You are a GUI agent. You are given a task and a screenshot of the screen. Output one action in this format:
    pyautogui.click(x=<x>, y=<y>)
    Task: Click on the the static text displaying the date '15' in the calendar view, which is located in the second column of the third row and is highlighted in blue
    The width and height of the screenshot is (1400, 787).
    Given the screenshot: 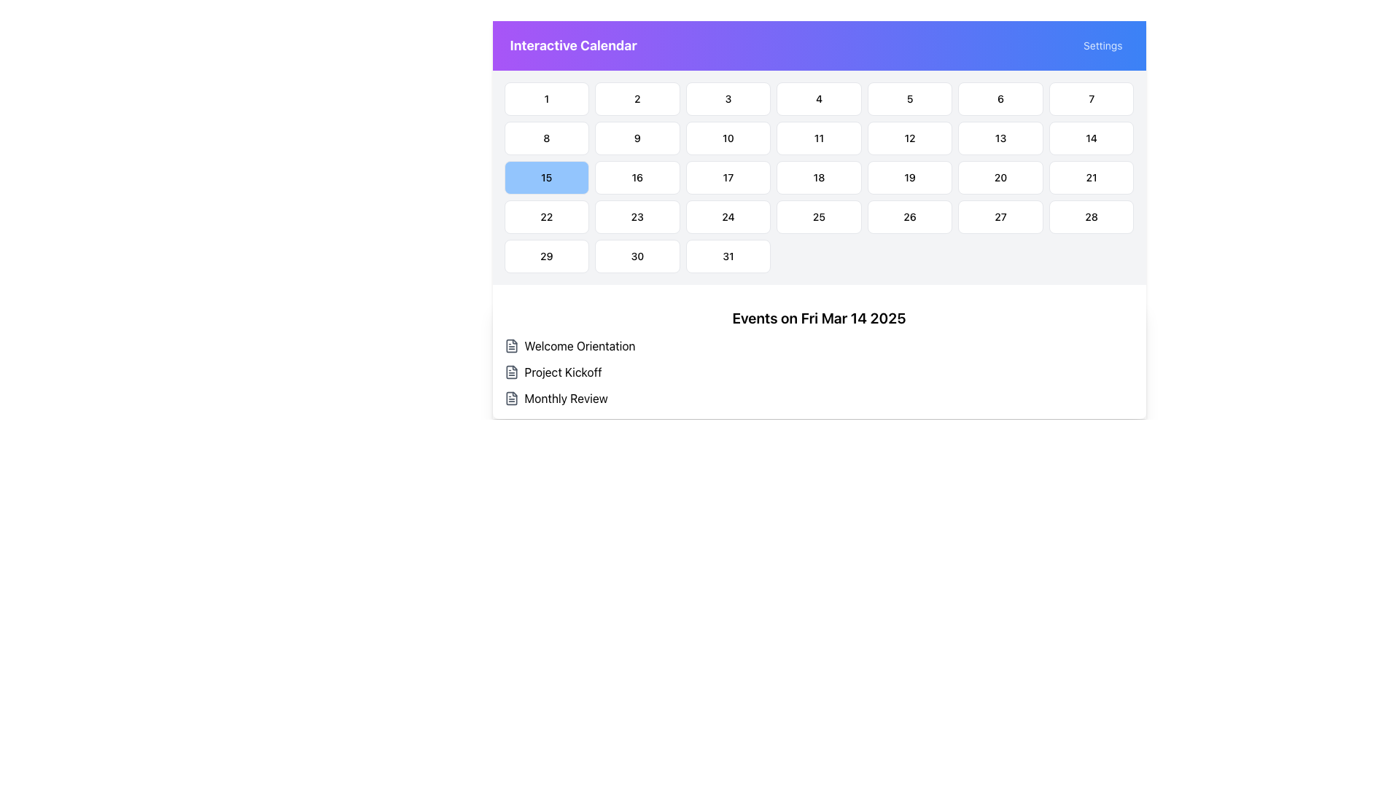 What is the action you would take?
    pyautogui.click(x=545, y=176)
    